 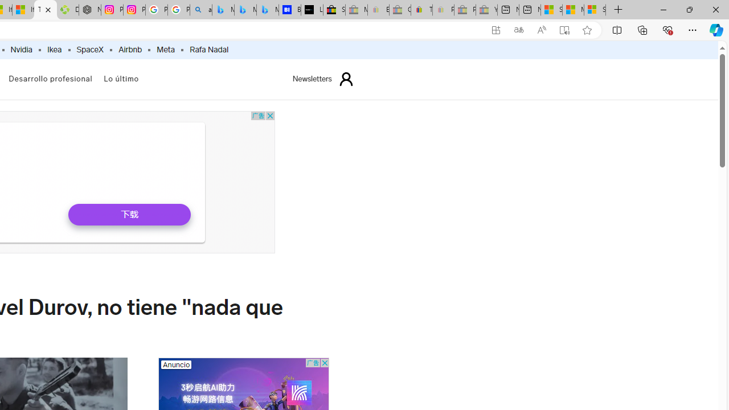 What do you see at coordinates (21, 50) in the screenshot?
I see `'Nvidia'` at bounding box center [21, 50].